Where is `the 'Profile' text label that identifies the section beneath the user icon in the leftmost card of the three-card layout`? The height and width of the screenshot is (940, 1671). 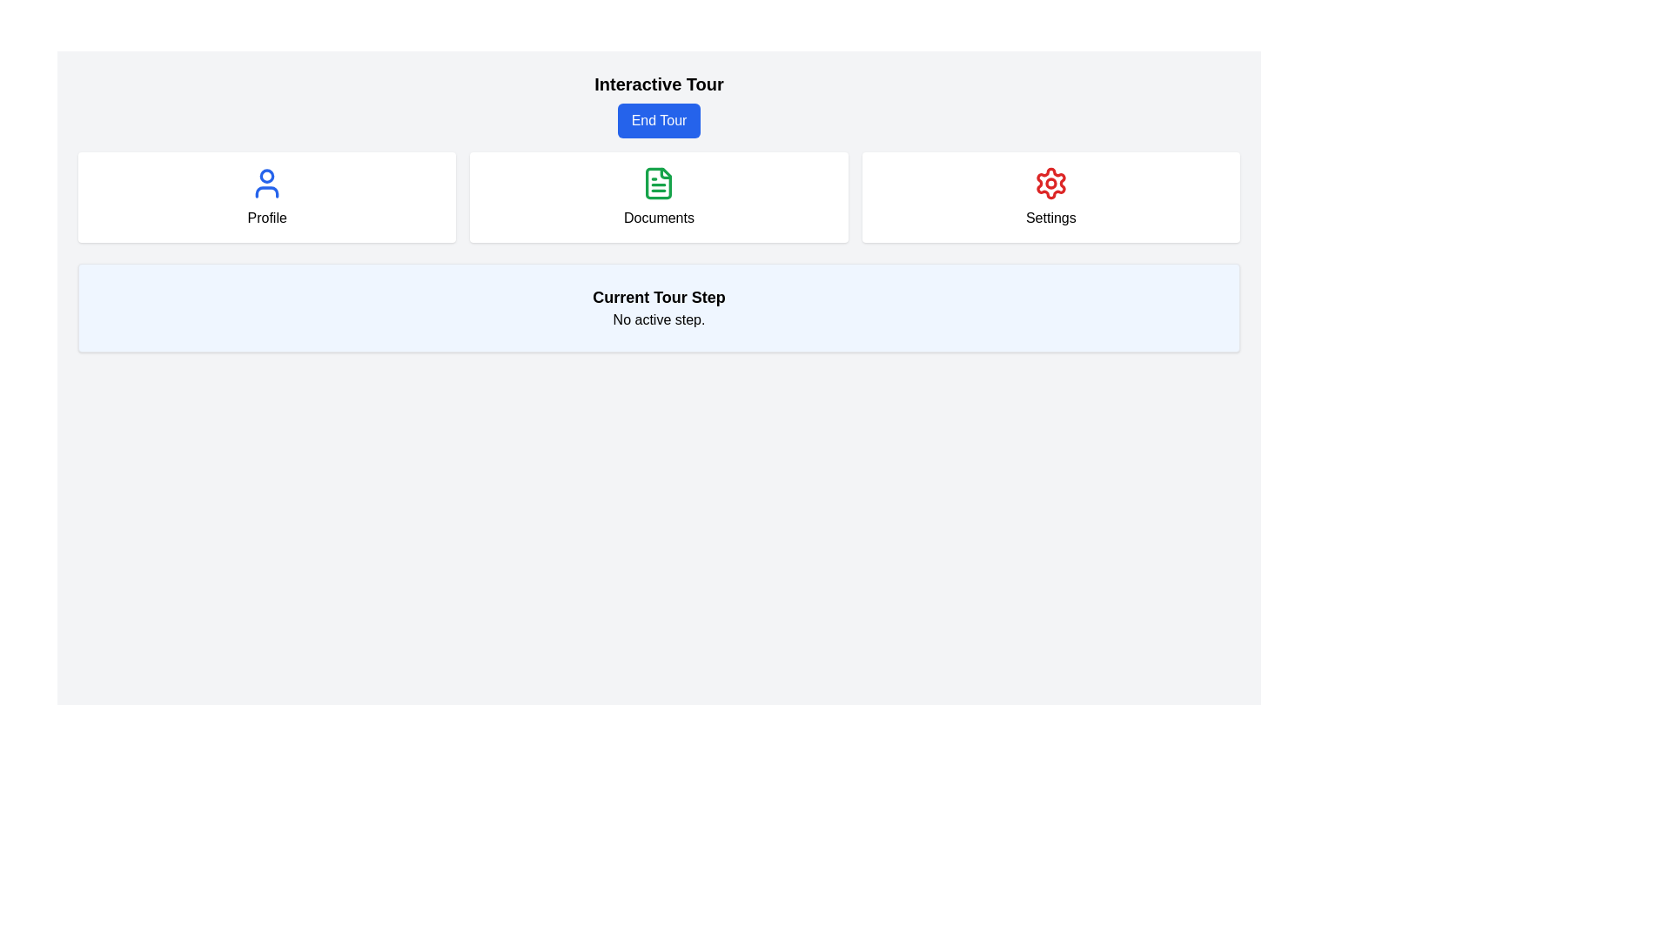
the 'Profile' text label that identifies the section beneath the user icon in the leftmost card of the three-card layout is located at coordinates (266, 217).